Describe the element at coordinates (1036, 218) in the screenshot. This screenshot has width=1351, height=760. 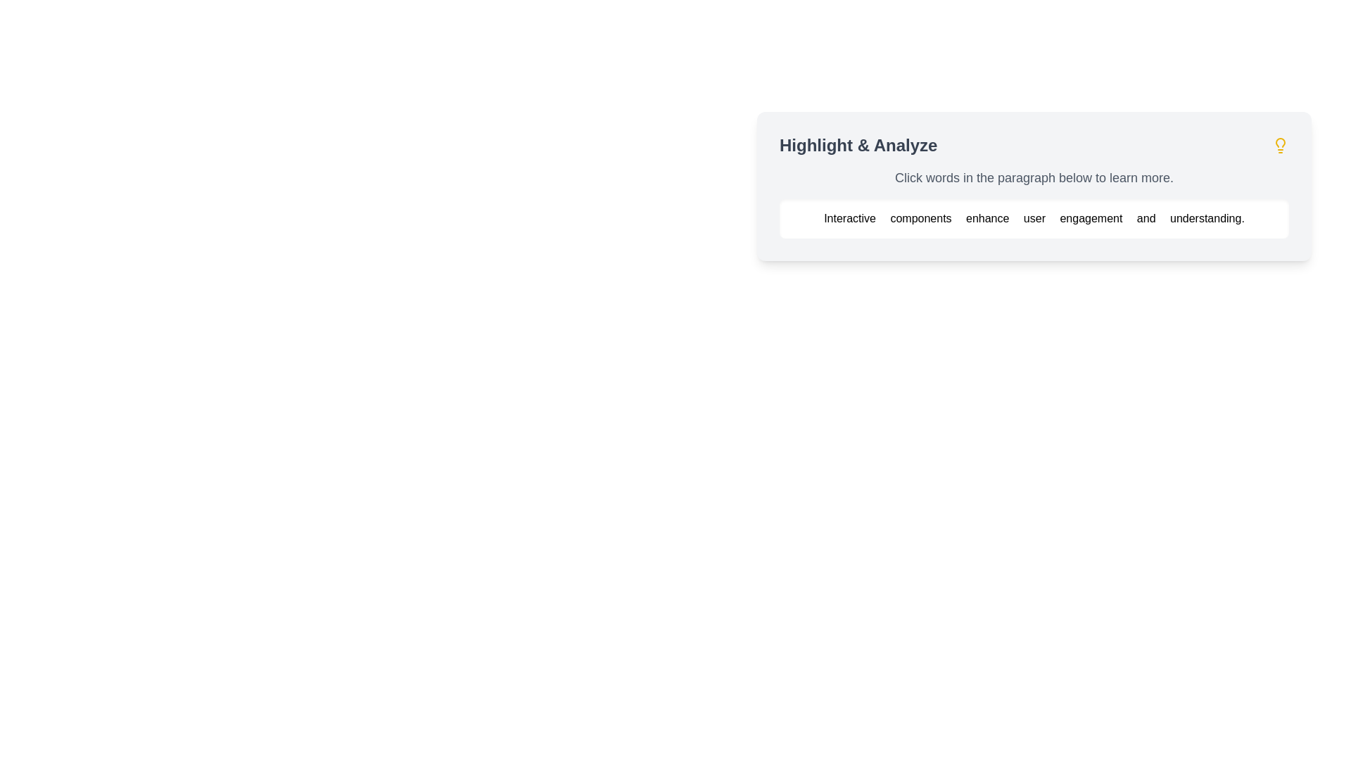
I see `the Text Button labeled 'user' which is centrally positioned within a sequence of interactive elements on a white background` at that location.